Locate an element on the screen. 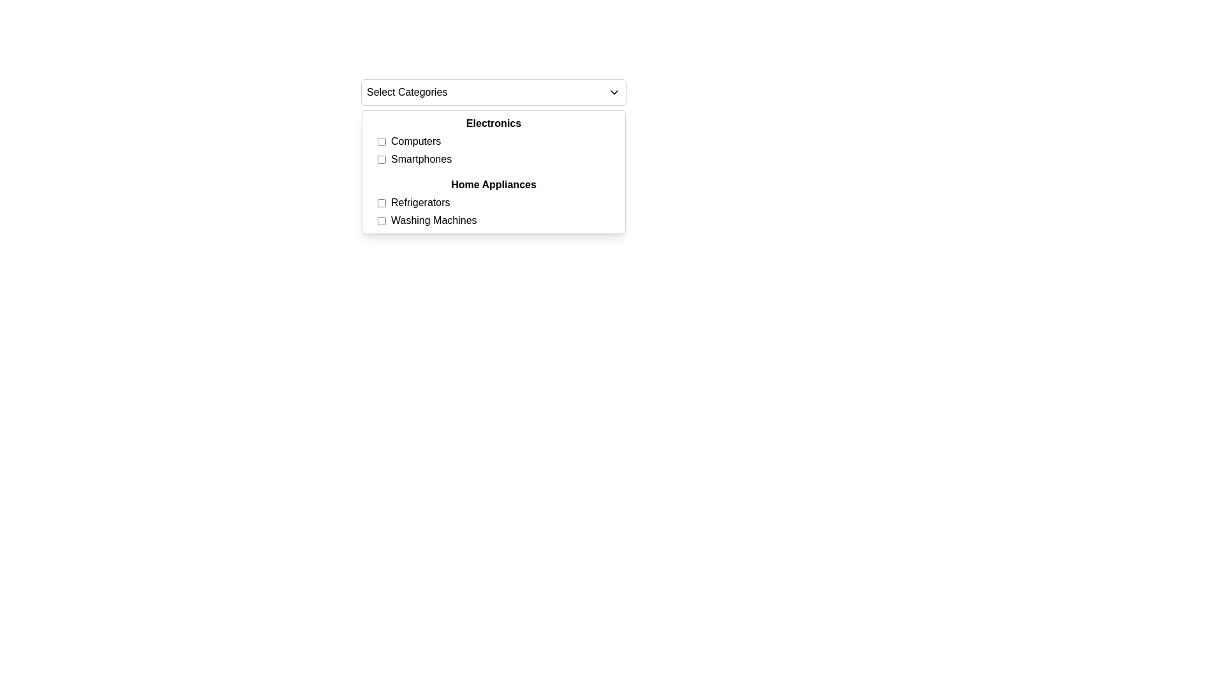 The image size is (1225, 689). the Dropdown menu located below the 'Select Categories' button is located at coordinates (493, 172).